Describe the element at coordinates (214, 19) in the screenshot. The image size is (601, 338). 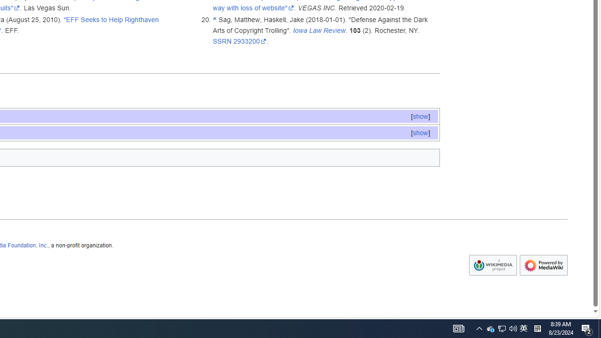
I see `'Jump up'` at that location.